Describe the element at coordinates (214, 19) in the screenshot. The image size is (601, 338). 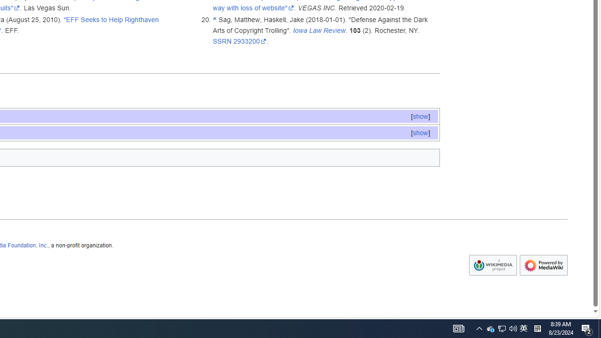
I see `'Jump up'` at that location.